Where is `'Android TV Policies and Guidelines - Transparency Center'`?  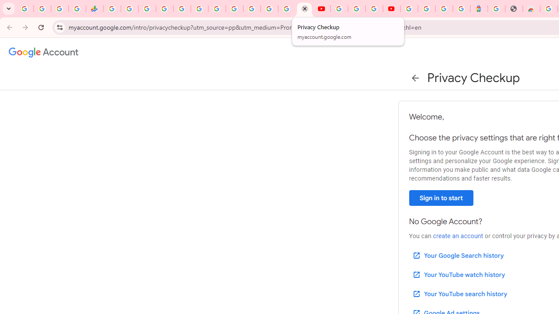
'Android TV Policies and Guidelines - Transparency Center' is located at coordinates (217, 9).